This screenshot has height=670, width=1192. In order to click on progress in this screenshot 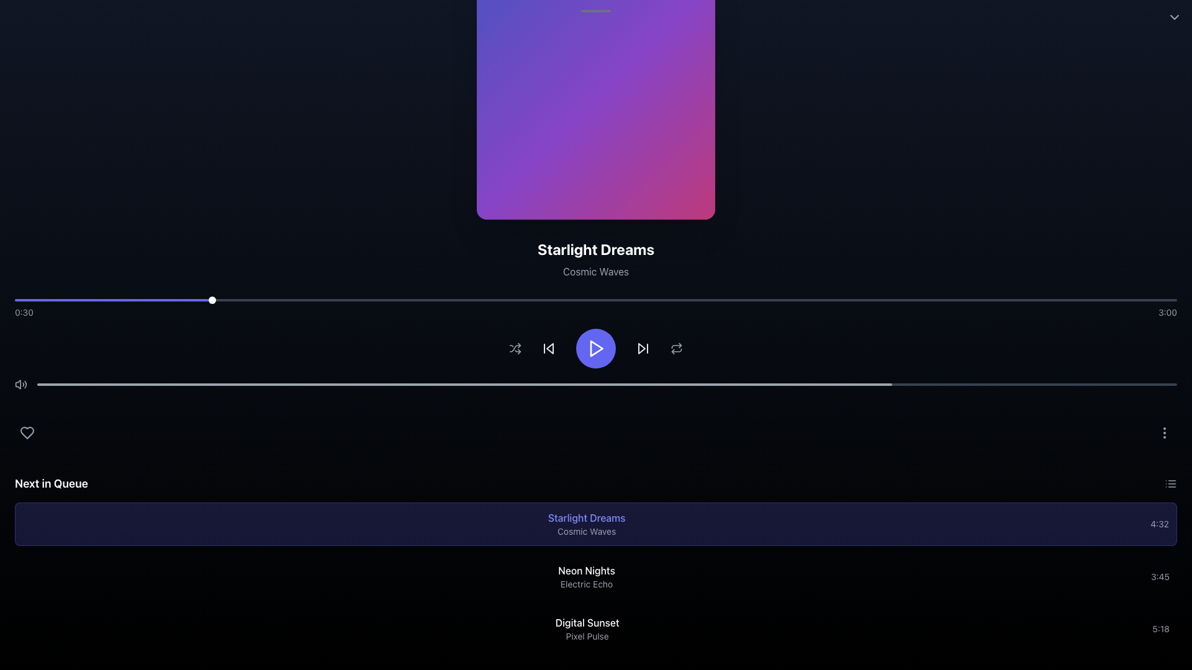, I will do `click(186, 300)`.